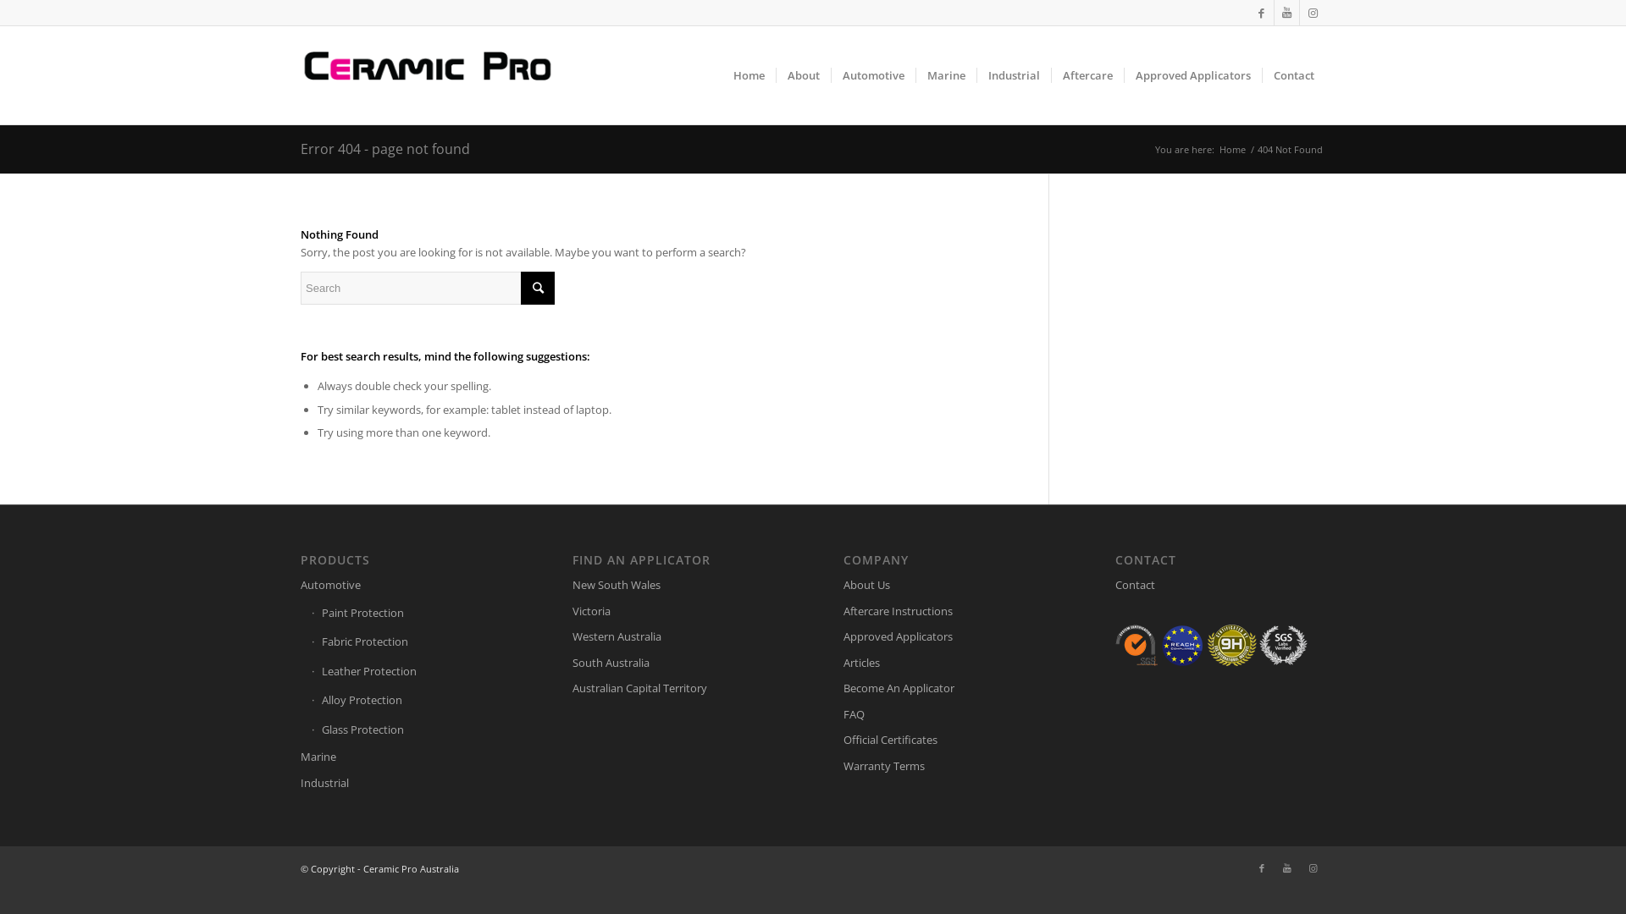 This screenshot has width=1626, height=914. I want to click on 'Aftercare Instructions', so click(947, 611).